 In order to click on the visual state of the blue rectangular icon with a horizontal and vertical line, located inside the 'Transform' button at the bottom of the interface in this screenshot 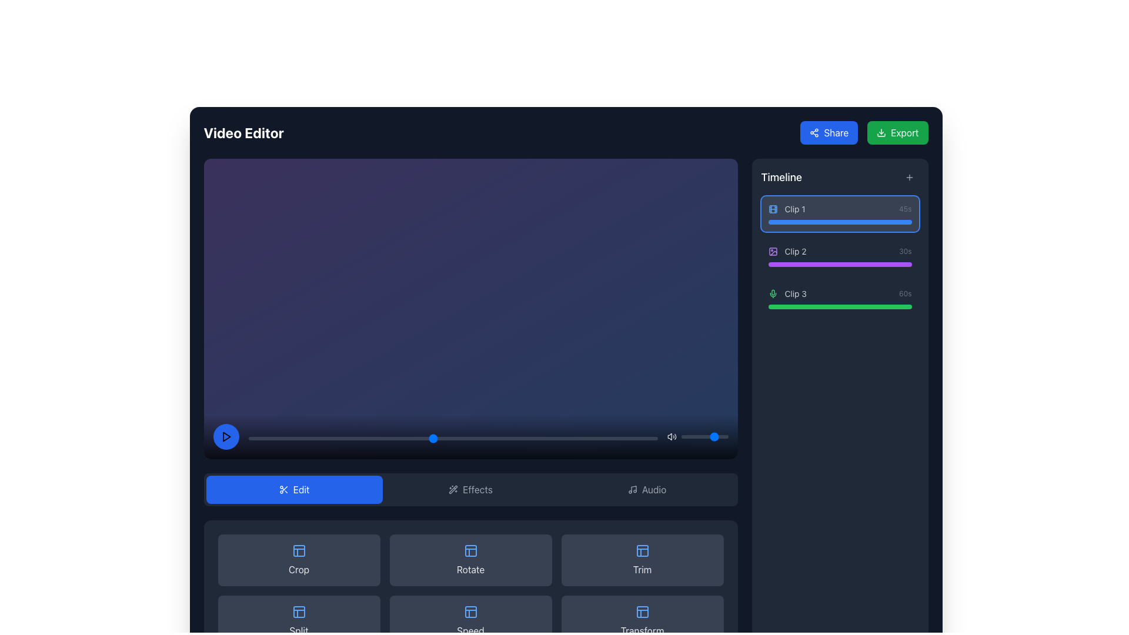, I will do `click(642, 611)`.